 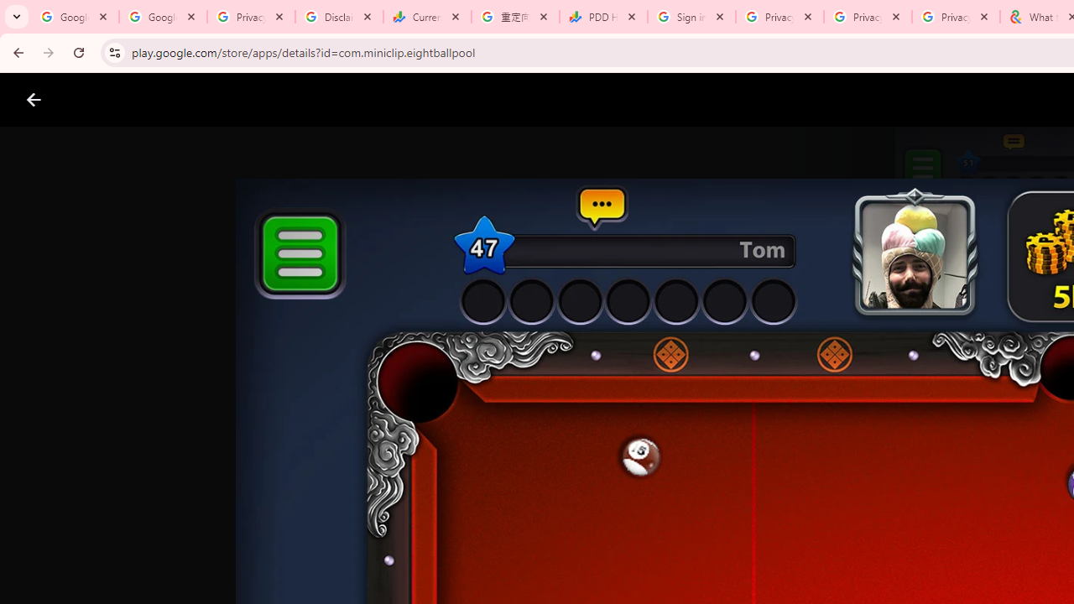 I want to click on 'Google Play logo', so click(x=93, y=100).